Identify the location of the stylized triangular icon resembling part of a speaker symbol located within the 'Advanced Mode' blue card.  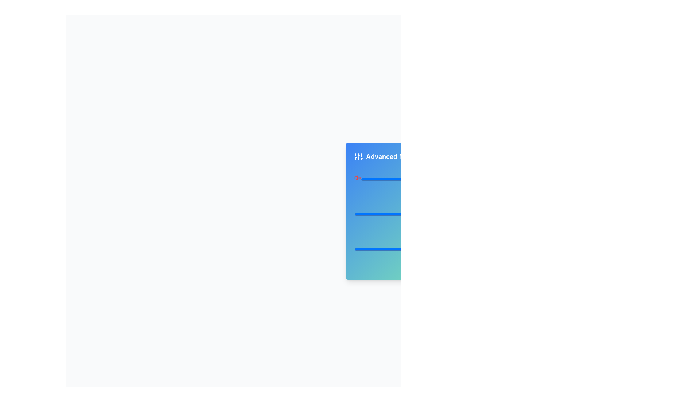
(356, 178).